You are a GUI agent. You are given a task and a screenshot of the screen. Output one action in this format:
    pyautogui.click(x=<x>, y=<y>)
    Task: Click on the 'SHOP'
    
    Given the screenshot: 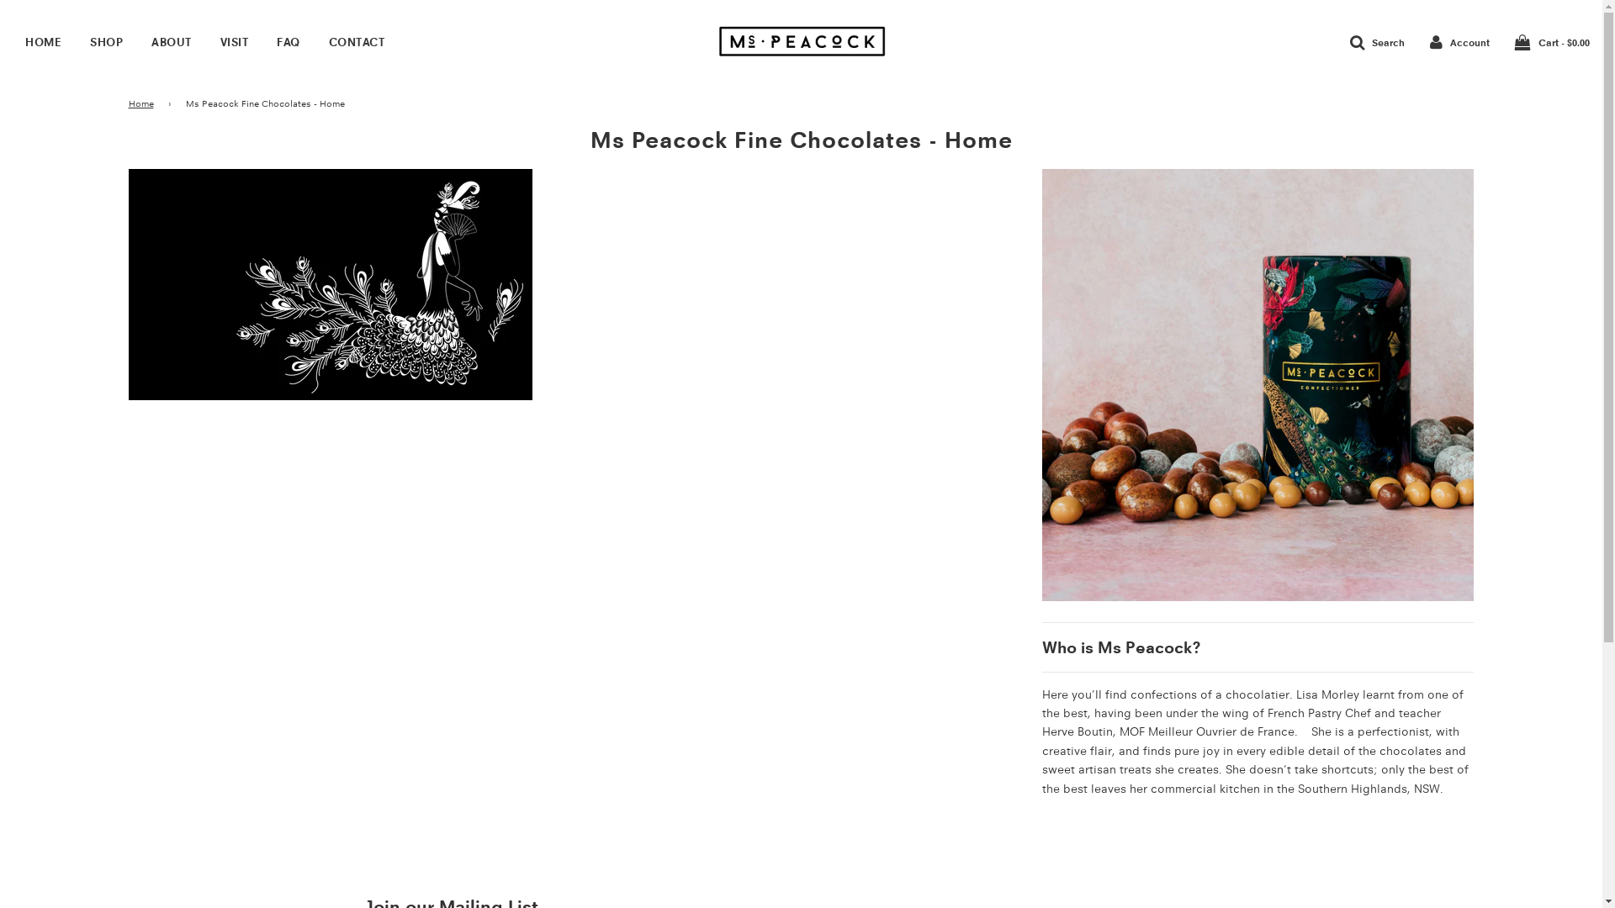 What is the action you would take?
    pyautogui.click(x=105, y=41)
    